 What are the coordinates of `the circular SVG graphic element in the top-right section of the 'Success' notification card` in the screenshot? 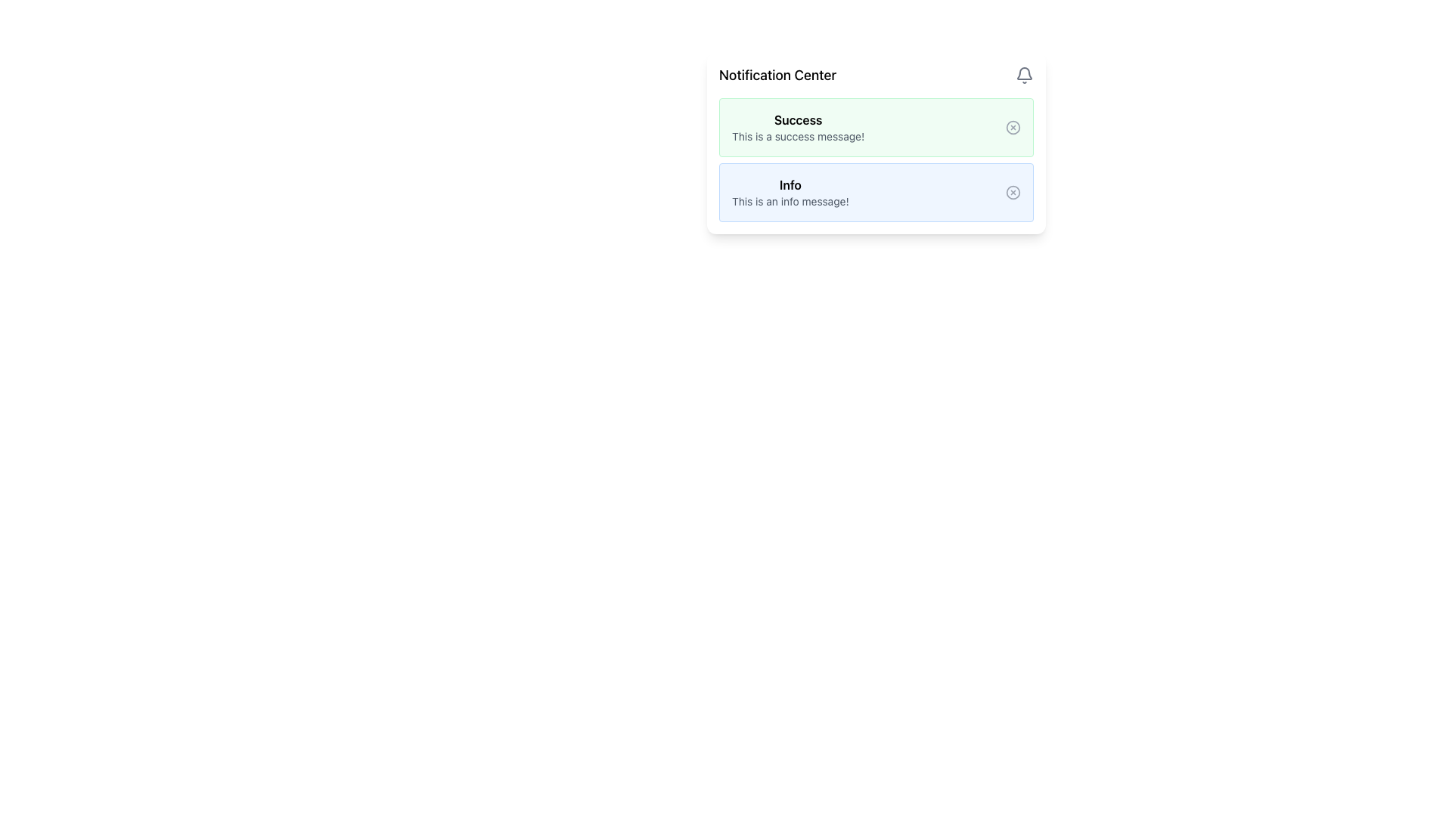 It's located at (1013, 127).